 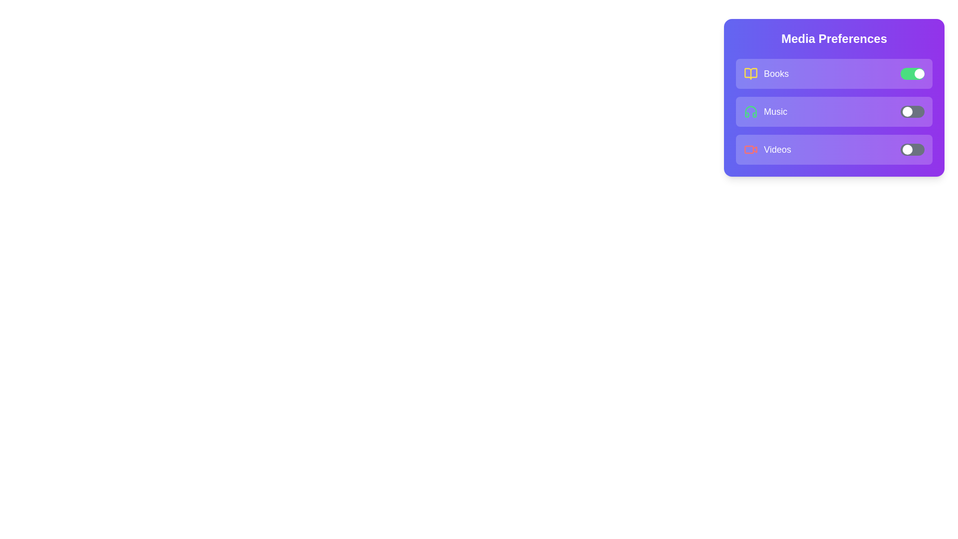 I want to click on the open book icon with a yellow fill located in the 'Media Preferences' section, positioned to the left of the 'Books' label, so click(x=751, y=73).